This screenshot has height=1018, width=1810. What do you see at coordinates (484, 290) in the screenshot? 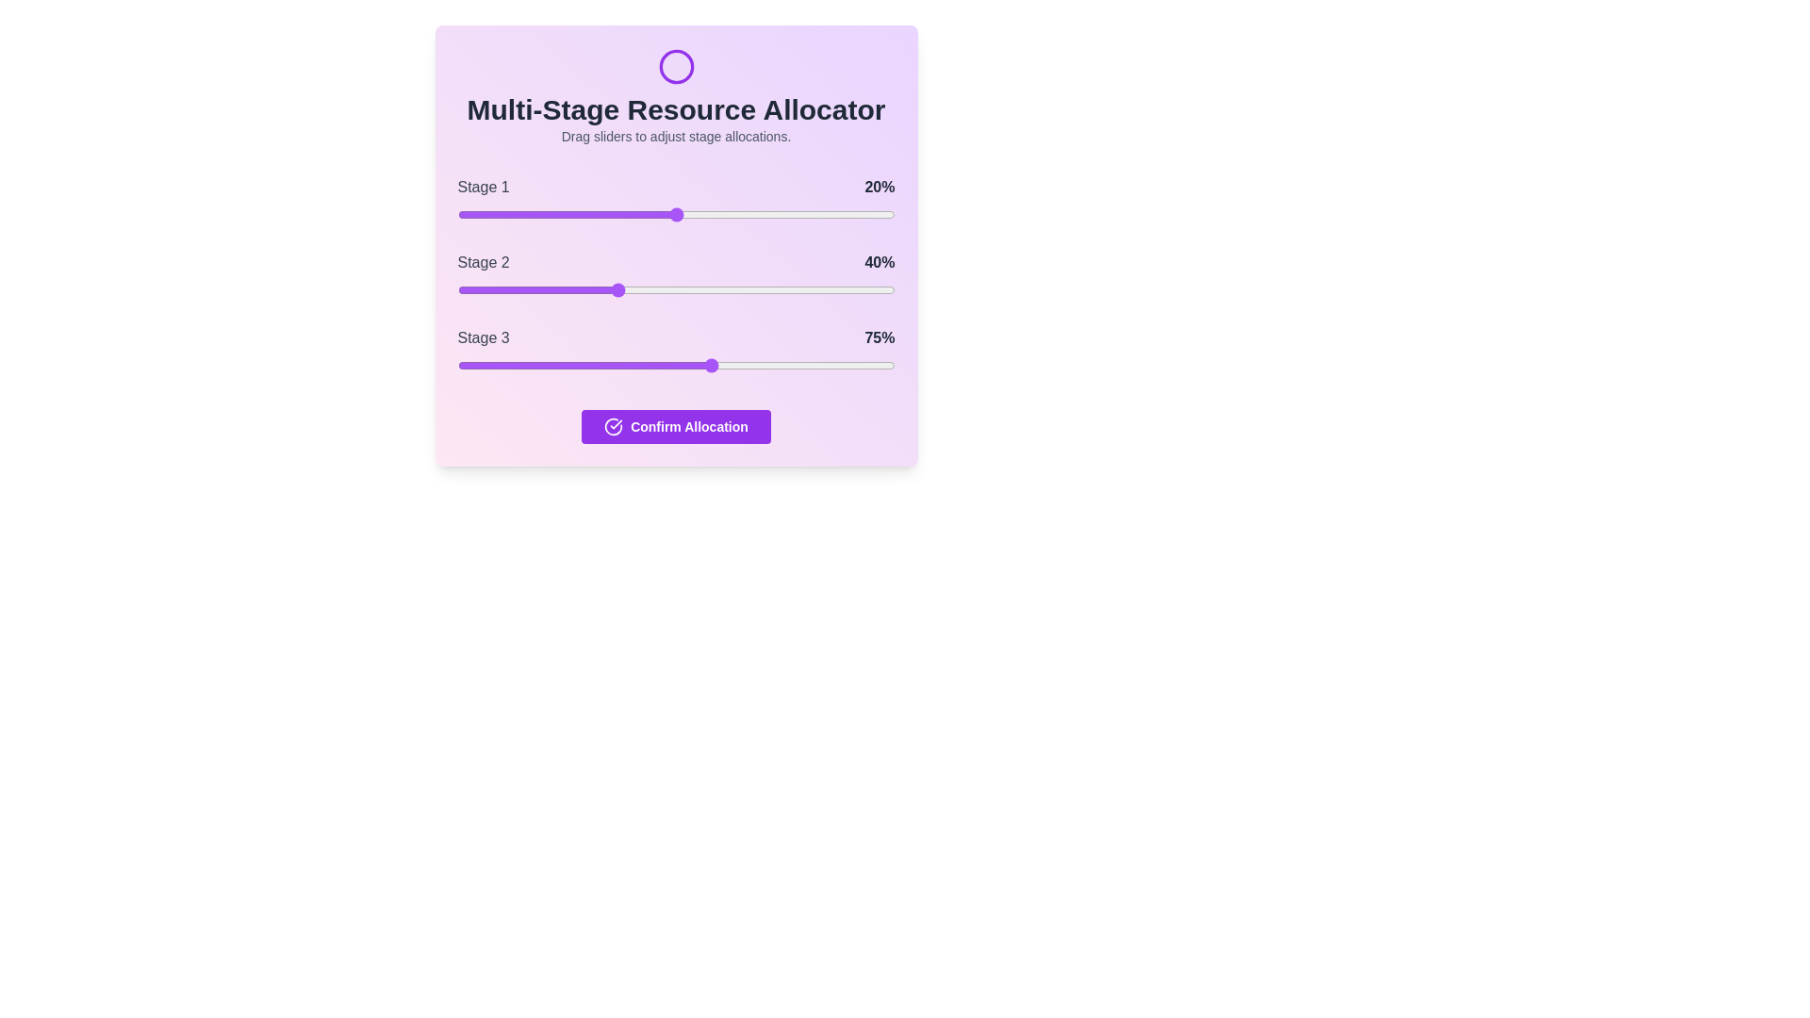
I see `the slider for Stage 2 to 6%` at bounding box center [484, 290].